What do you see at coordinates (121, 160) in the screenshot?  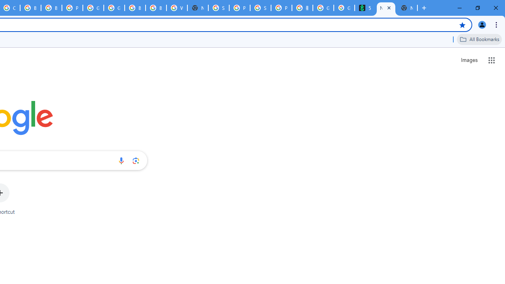 I see `'Search by voice'` at bounding box center [121, 160].